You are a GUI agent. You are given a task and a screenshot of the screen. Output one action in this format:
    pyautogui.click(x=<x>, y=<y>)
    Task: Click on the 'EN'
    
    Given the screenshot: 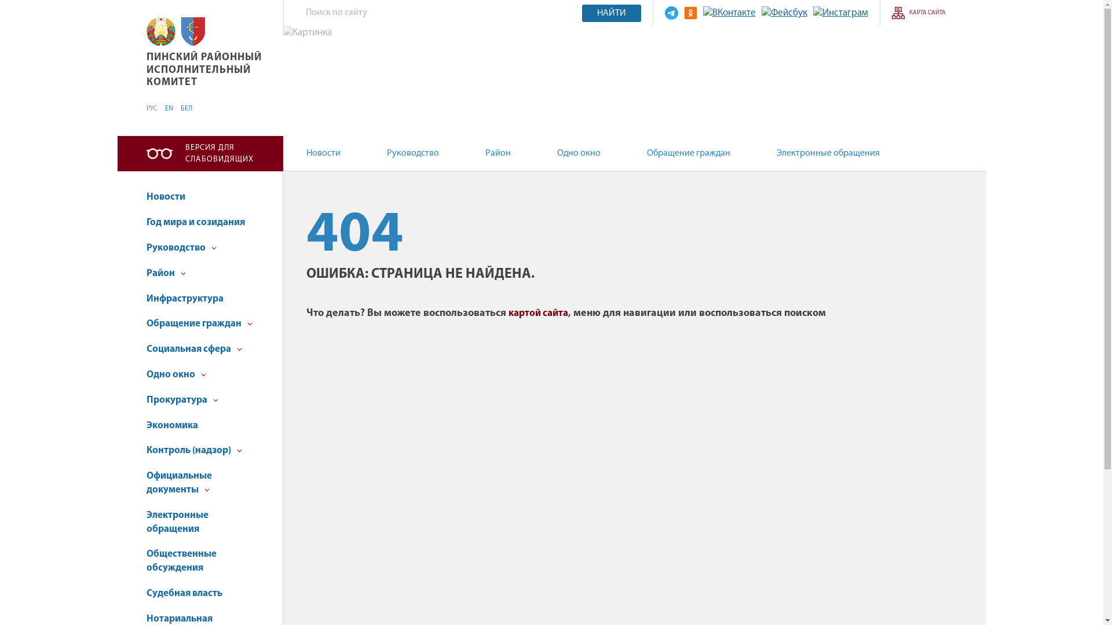 What is the action you would take?
    pyautogui.click(x=163, y=109)
    